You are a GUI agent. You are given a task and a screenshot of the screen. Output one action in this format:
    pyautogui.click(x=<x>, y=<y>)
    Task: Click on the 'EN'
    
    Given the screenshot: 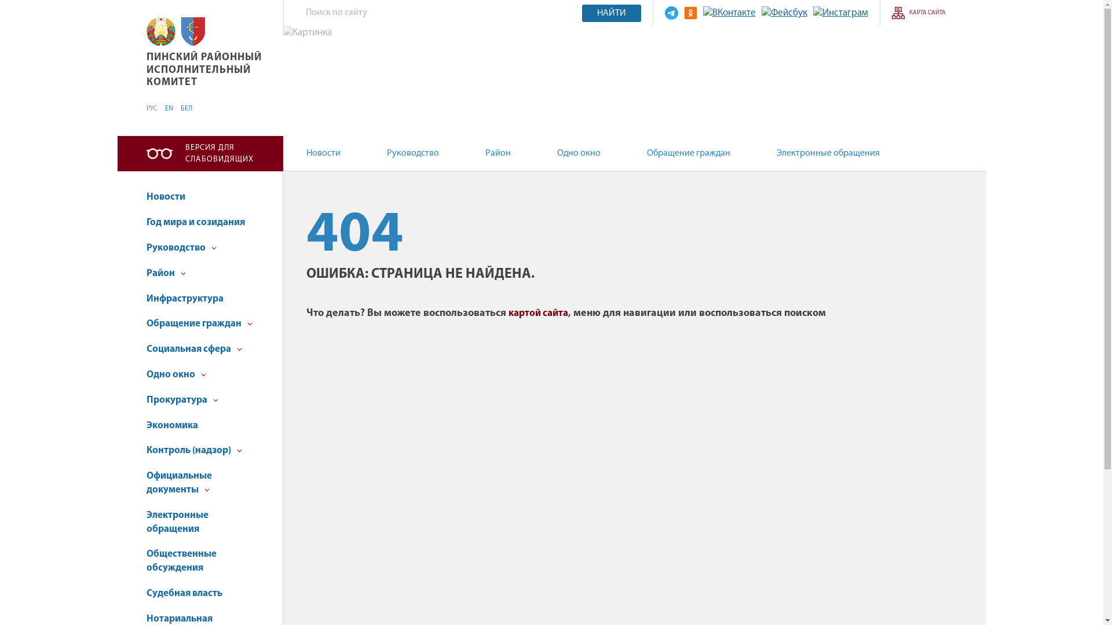 What is the action you would take?
    pyautogui.click(x=163, y=109)
    